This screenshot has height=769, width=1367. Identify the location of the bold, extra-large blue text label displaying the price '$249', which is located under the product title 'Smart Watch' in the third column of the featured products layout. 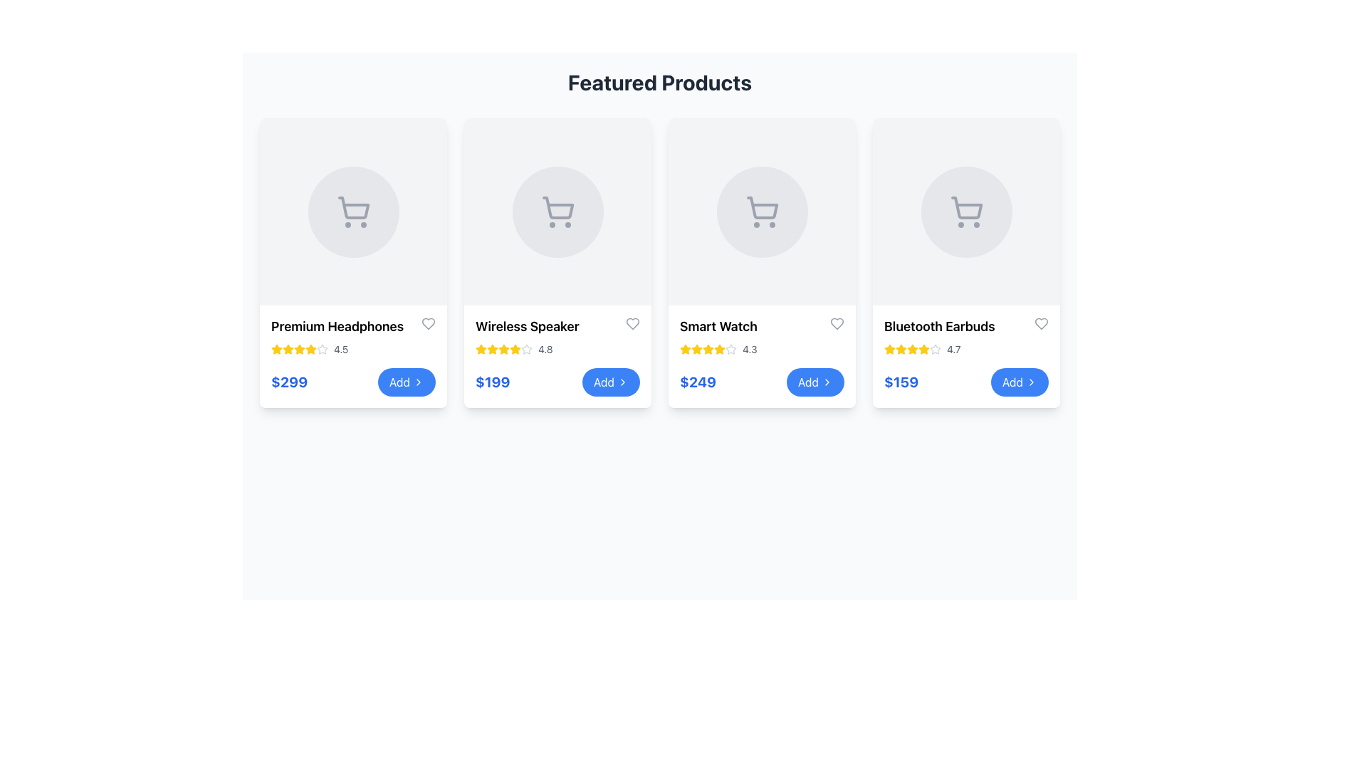
(698, 381).